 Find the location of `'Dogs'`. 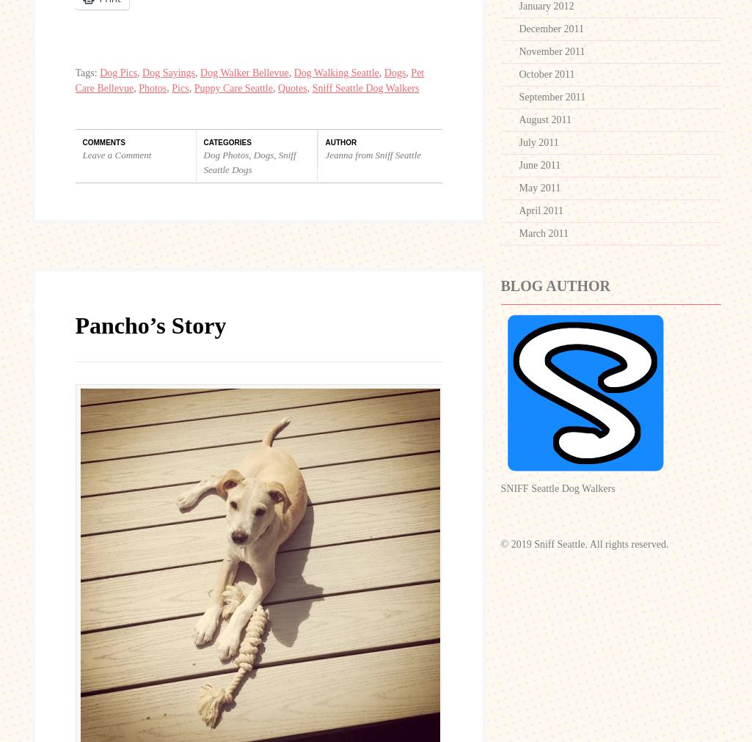

'Dogs' is located at coordinates (394, 72).